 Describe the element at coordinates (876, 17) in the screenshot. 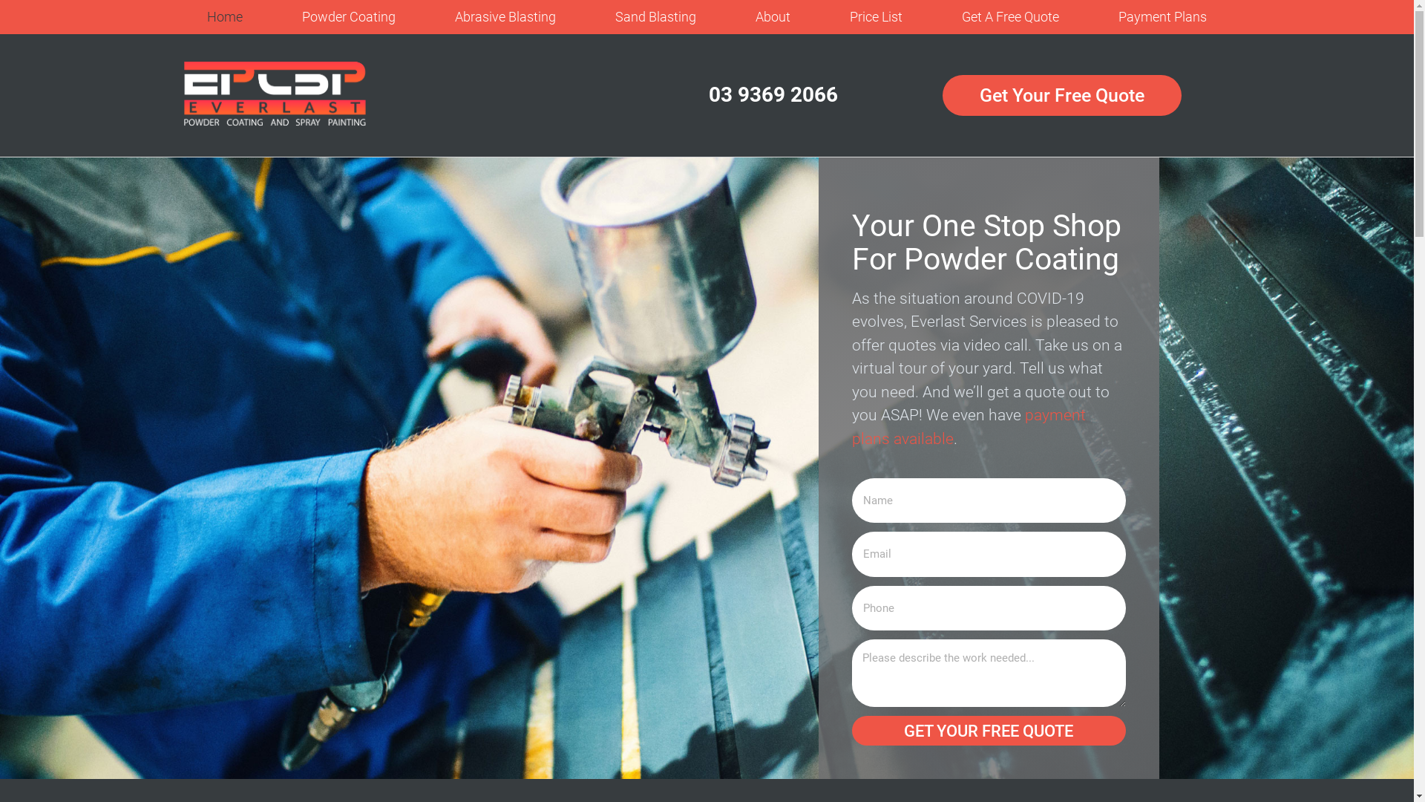

I see `'Price List'` at that location.